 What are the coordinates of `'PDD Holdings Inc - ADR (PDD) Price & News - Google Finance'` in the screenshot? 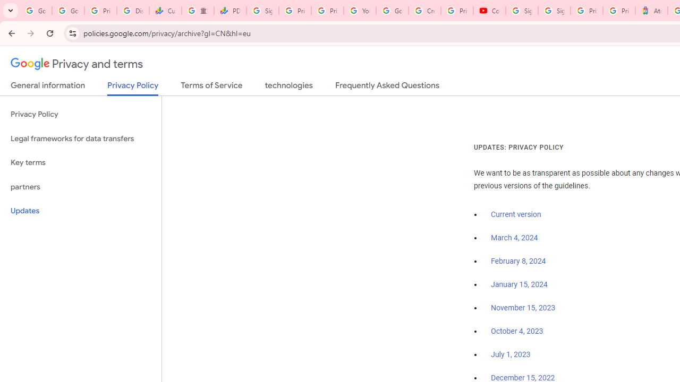 It's located at (229, 11).